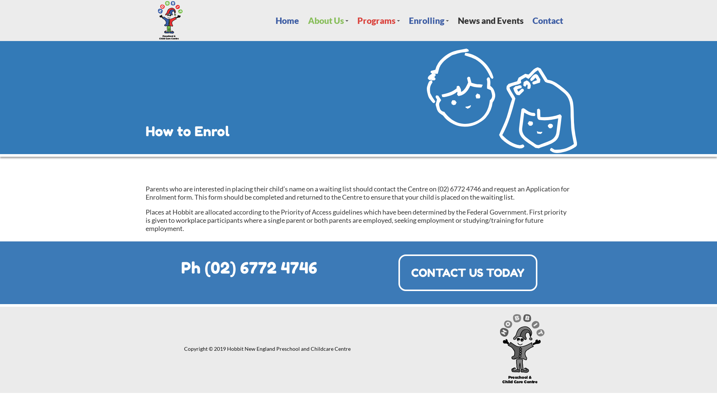 This screenshot has width=717, height=403. Describe the element at coordinates (467, 273) in the screenshot. I see `'CONTACT US TODAY'` at that location.